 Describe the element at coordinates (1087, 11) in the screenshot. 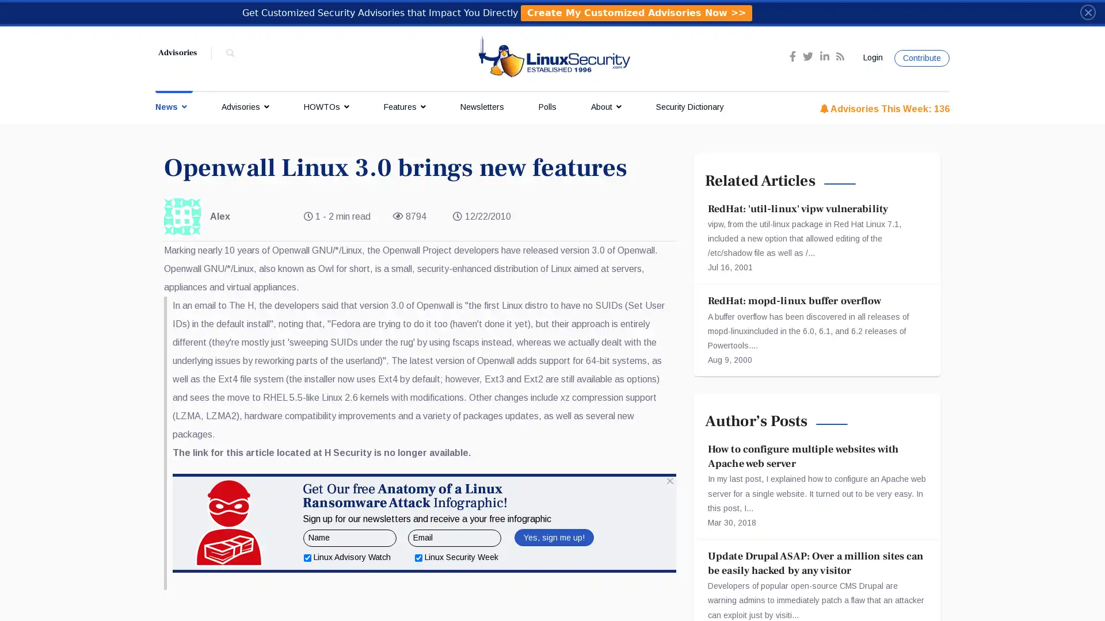

I see `Close` at that location.